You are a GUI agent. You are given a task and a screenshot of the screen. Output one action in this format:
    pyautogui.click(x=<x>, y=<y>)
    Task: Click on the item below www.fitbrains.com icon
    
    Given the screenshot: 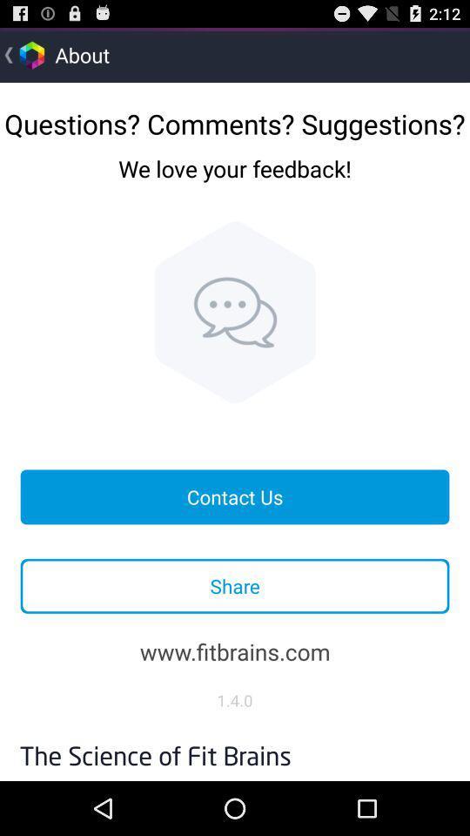 What is the action you would take?
    pyautogui.click(x=235, y=700)
    